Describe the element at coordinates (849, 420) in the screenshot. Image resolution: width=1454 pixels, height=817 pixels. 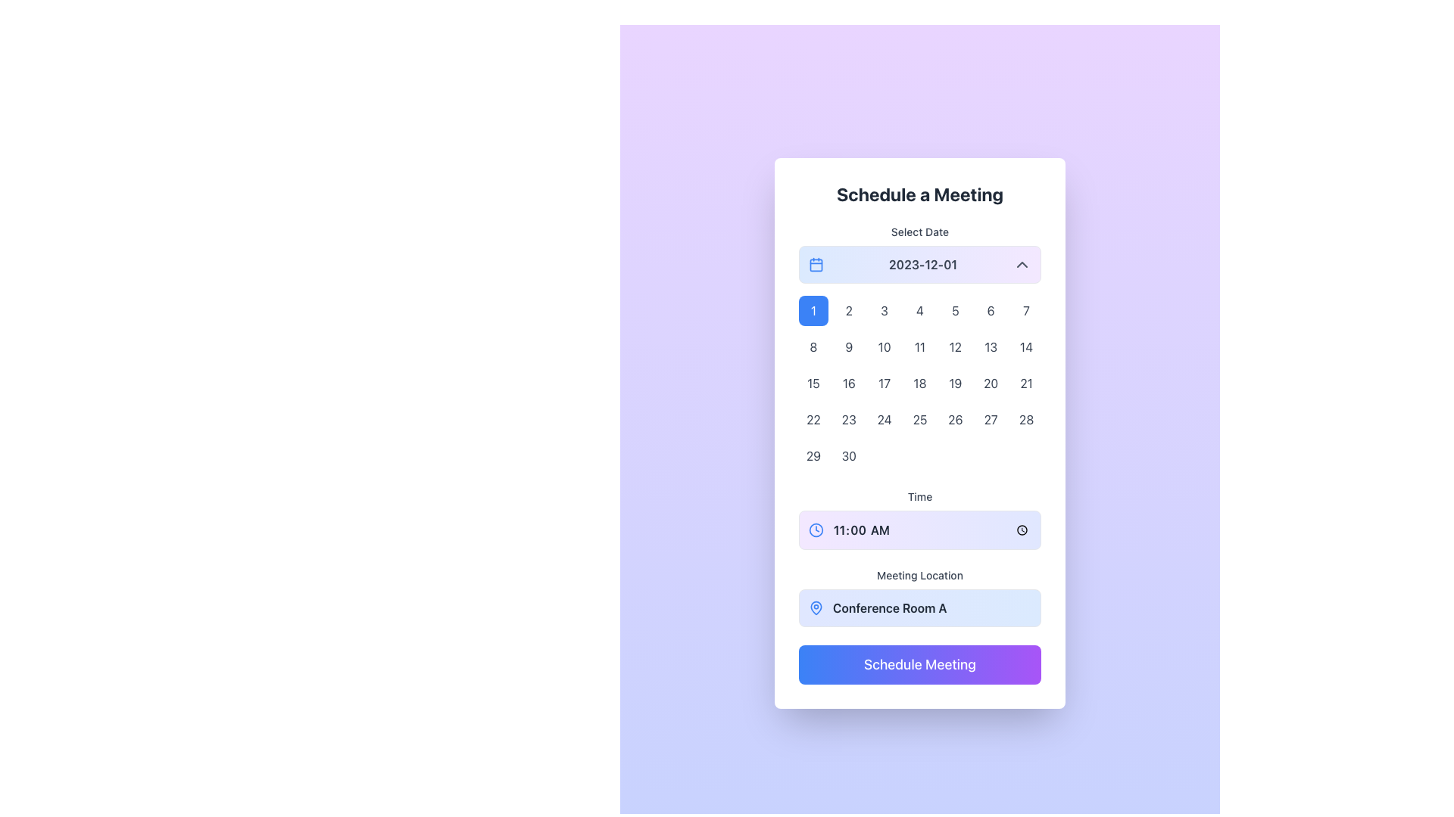
I see `the square-shaped button with rounded corners labeled '23' in gray font located in the fourth row, second column of the calendar grid` at that location.